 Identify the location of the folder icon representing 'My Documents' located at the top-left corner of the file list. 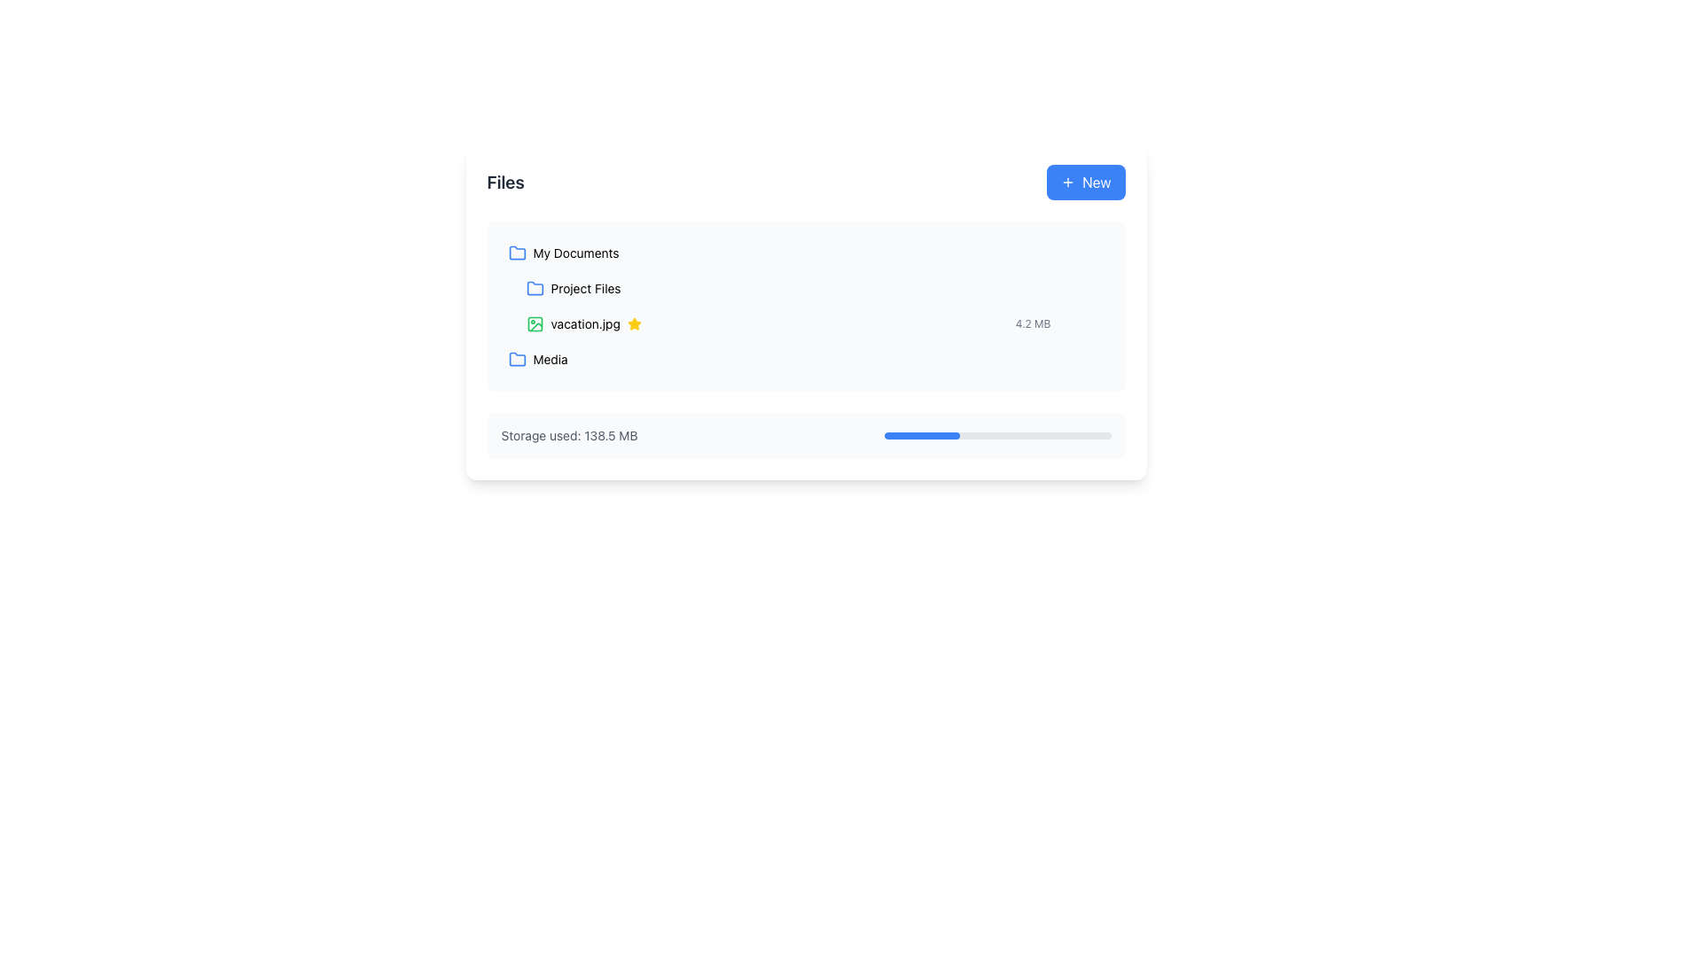
(516, 253).